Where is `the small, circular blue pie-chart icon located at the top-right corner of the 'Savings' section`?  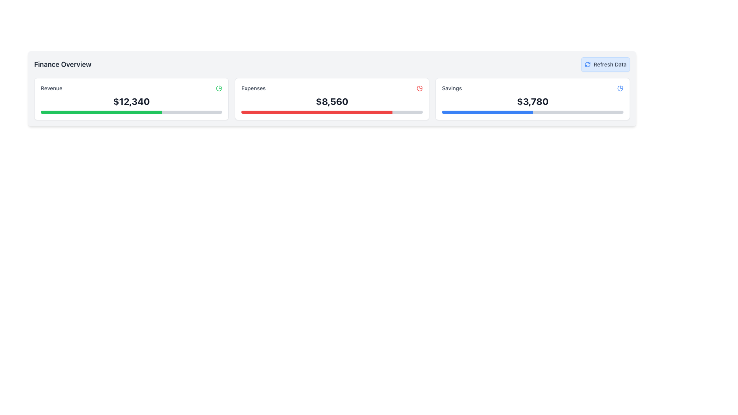 the small, circular blue pie-chart icon located at the top-right corner of the 'Savings' section is located at coordinates (620, 88).